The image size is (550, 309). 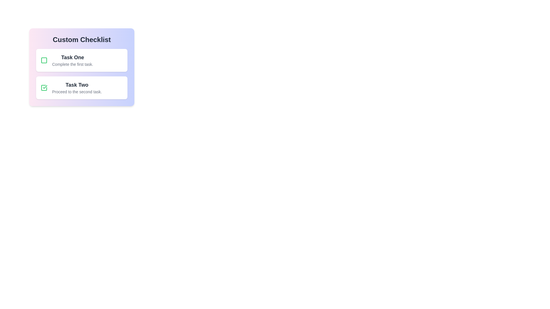 What do you see at coordinates (72, 60) in the screenshot?
I see `text content of the textual display for 'Task One' and 'Complete the first task.' located beneath the title 'Custom Checklist'` at bounding box center [72, 60].